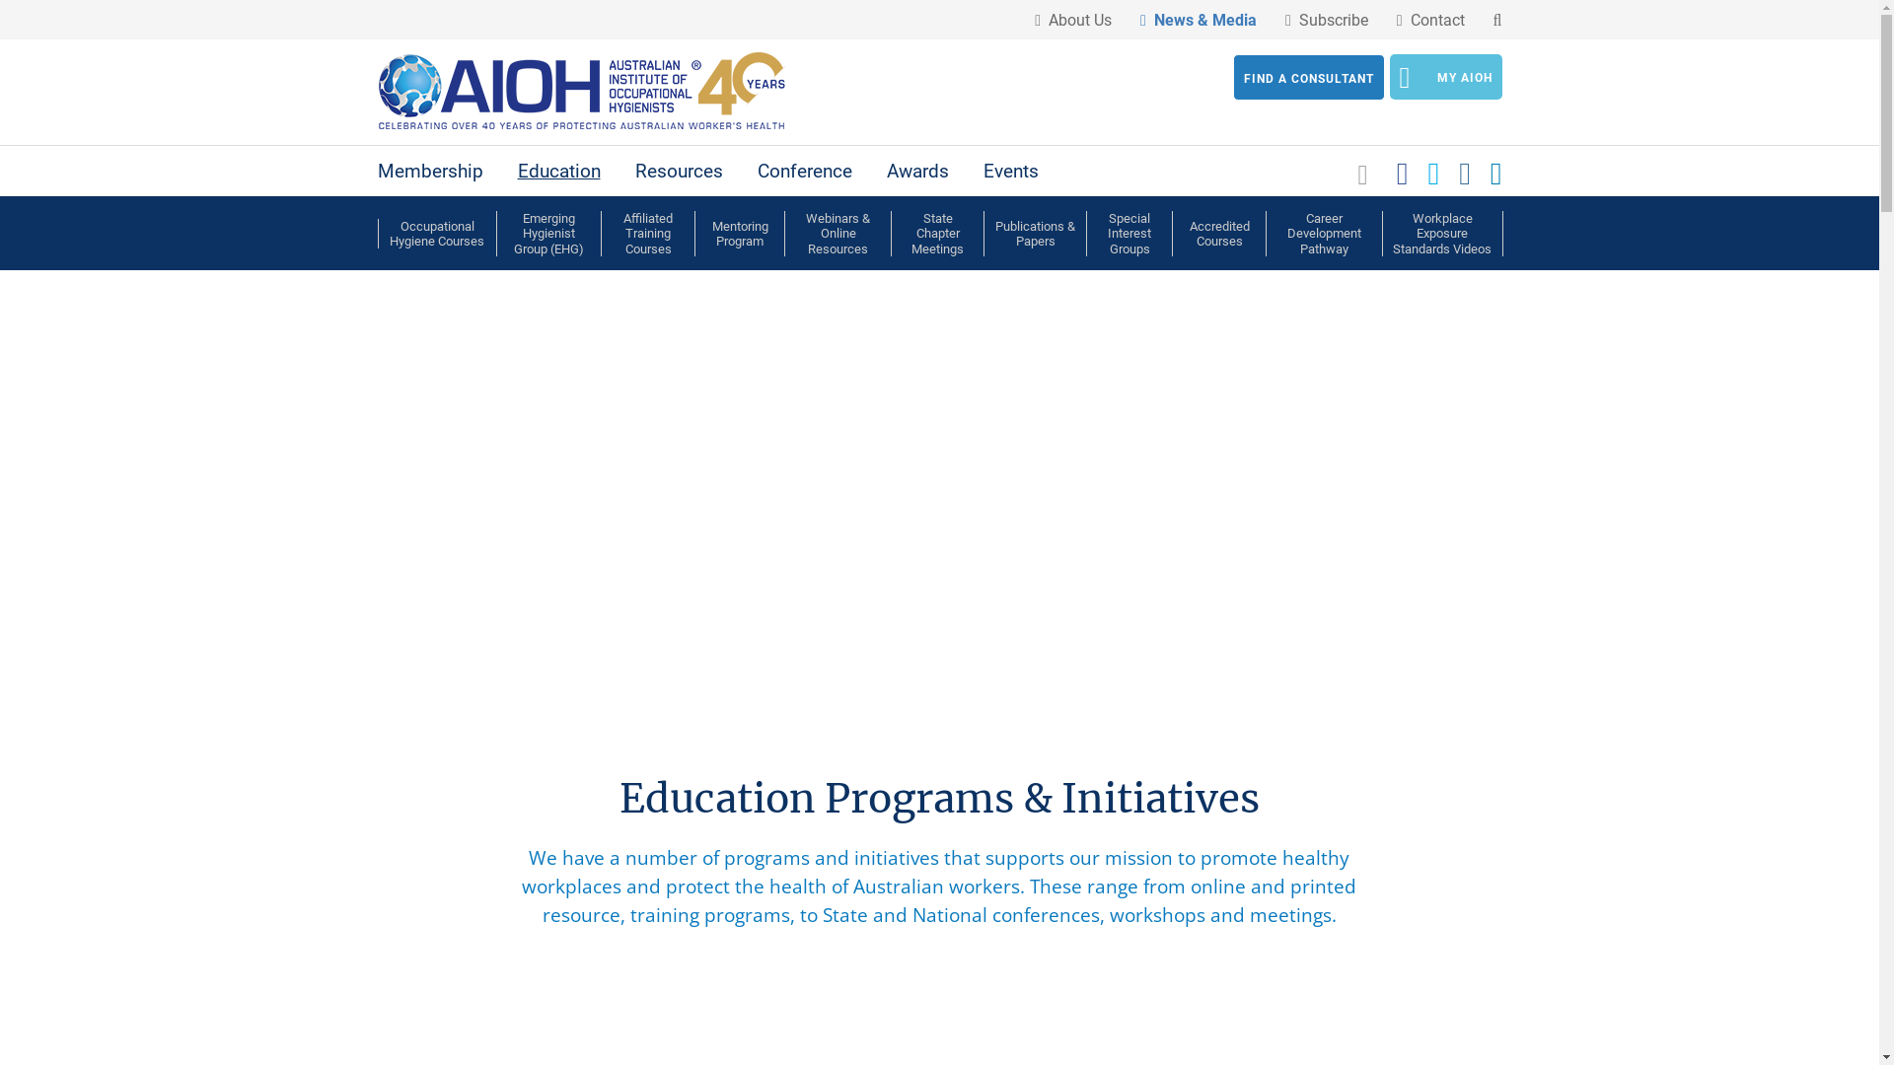  I want to click on 'Education', so click(516, 170).